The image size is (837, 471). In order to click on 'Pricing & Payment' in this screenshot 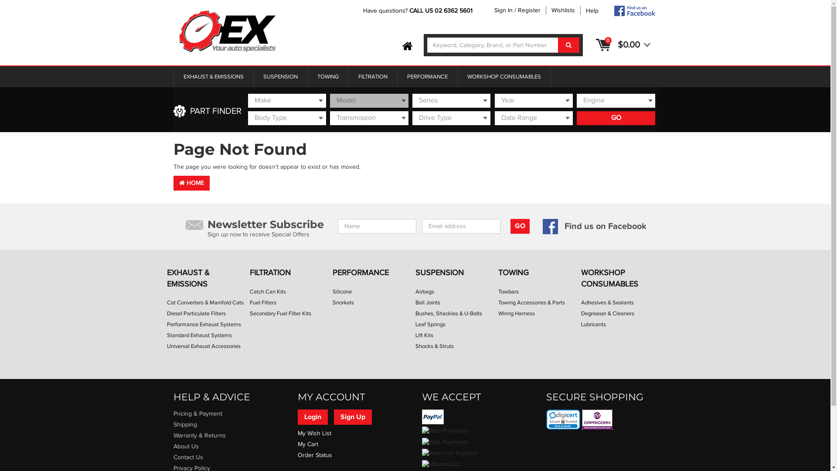, I will do `click(229, 413)`.